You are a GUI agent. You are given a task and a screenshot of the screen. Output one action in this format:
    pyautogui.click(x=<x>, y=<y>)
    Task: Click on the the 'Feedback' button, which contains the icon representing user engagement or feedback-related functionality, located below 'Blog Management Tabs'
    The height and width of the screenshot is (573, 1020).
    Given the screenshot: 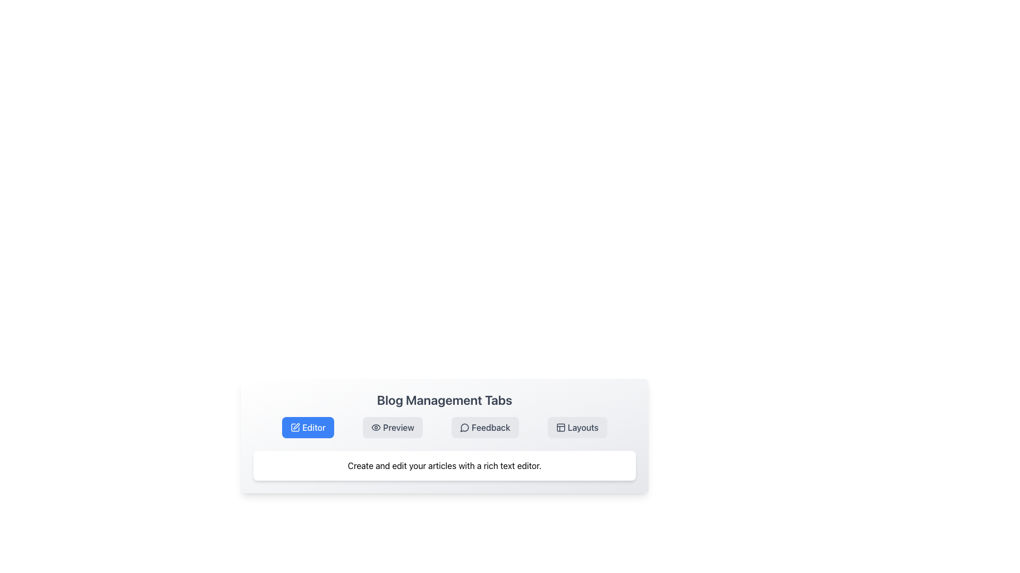 What is the action you would take?
    pyautogui.click(x=464, y=427)
    